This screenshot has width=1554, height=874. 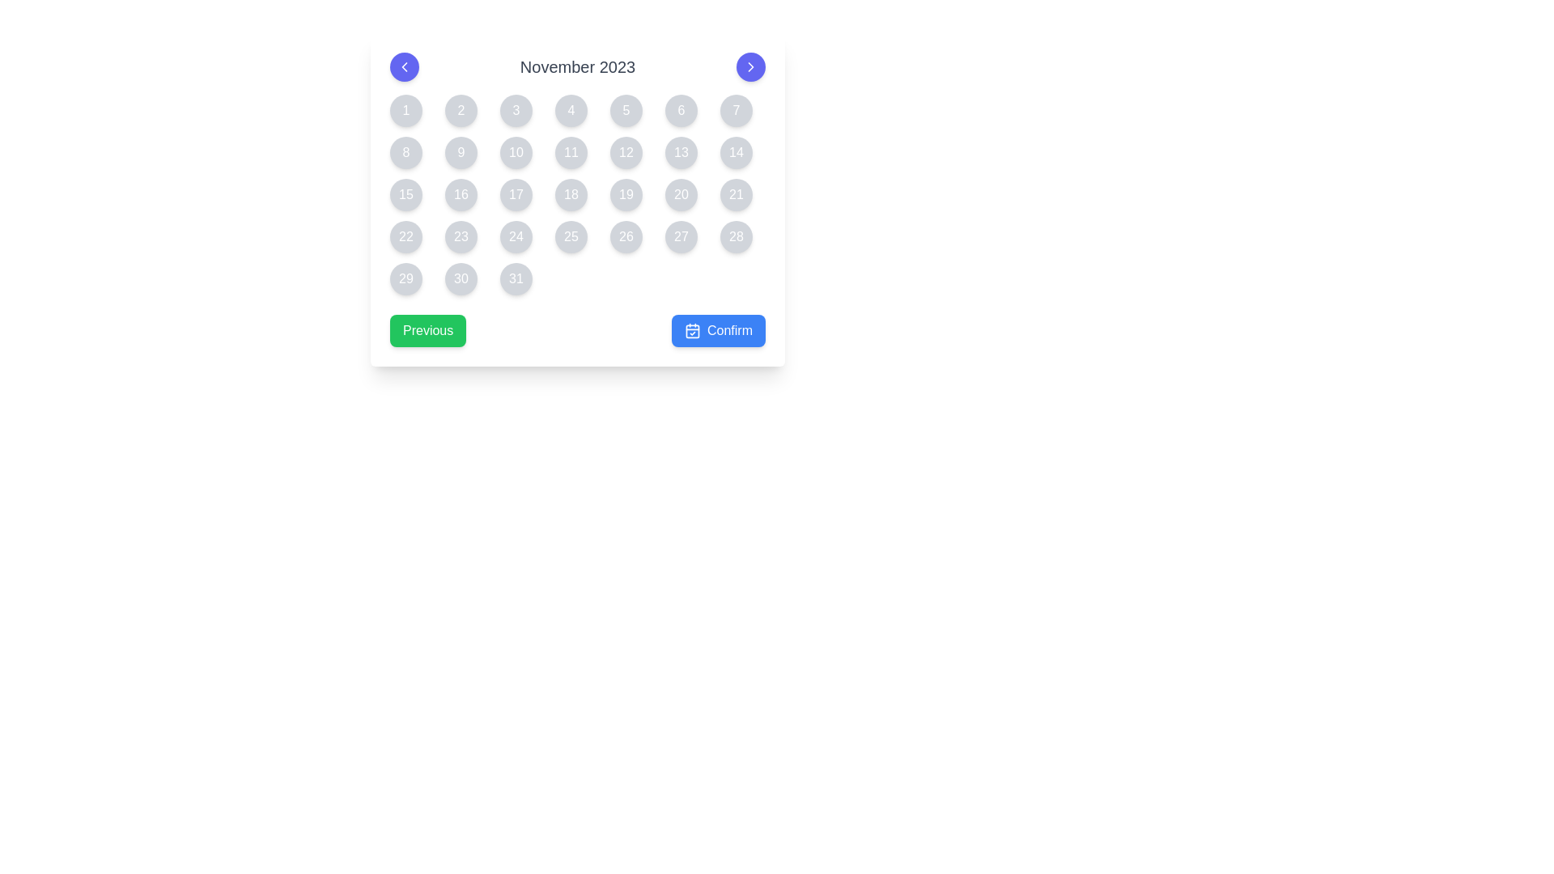 What do you see at coordinates (571, 110) in the screenshot?
I see `the circular button labeled '4' with a light gray background to change its color, which is part of a grid layout in the date picker widget` at bounding box center [571, 110].